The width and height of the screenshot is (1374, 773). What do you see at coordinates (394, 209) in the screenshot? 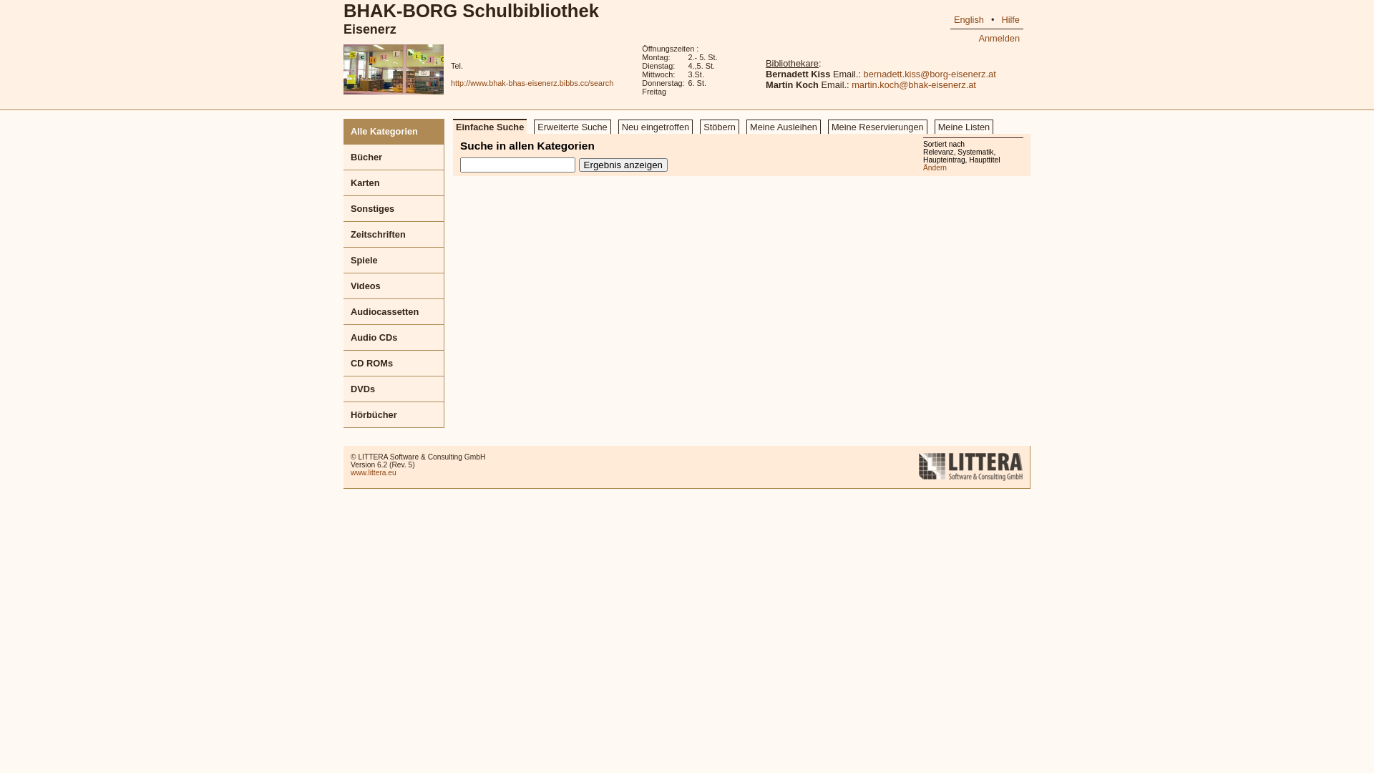
I see `'Sonstiges'` at bounding box center [394, 209].